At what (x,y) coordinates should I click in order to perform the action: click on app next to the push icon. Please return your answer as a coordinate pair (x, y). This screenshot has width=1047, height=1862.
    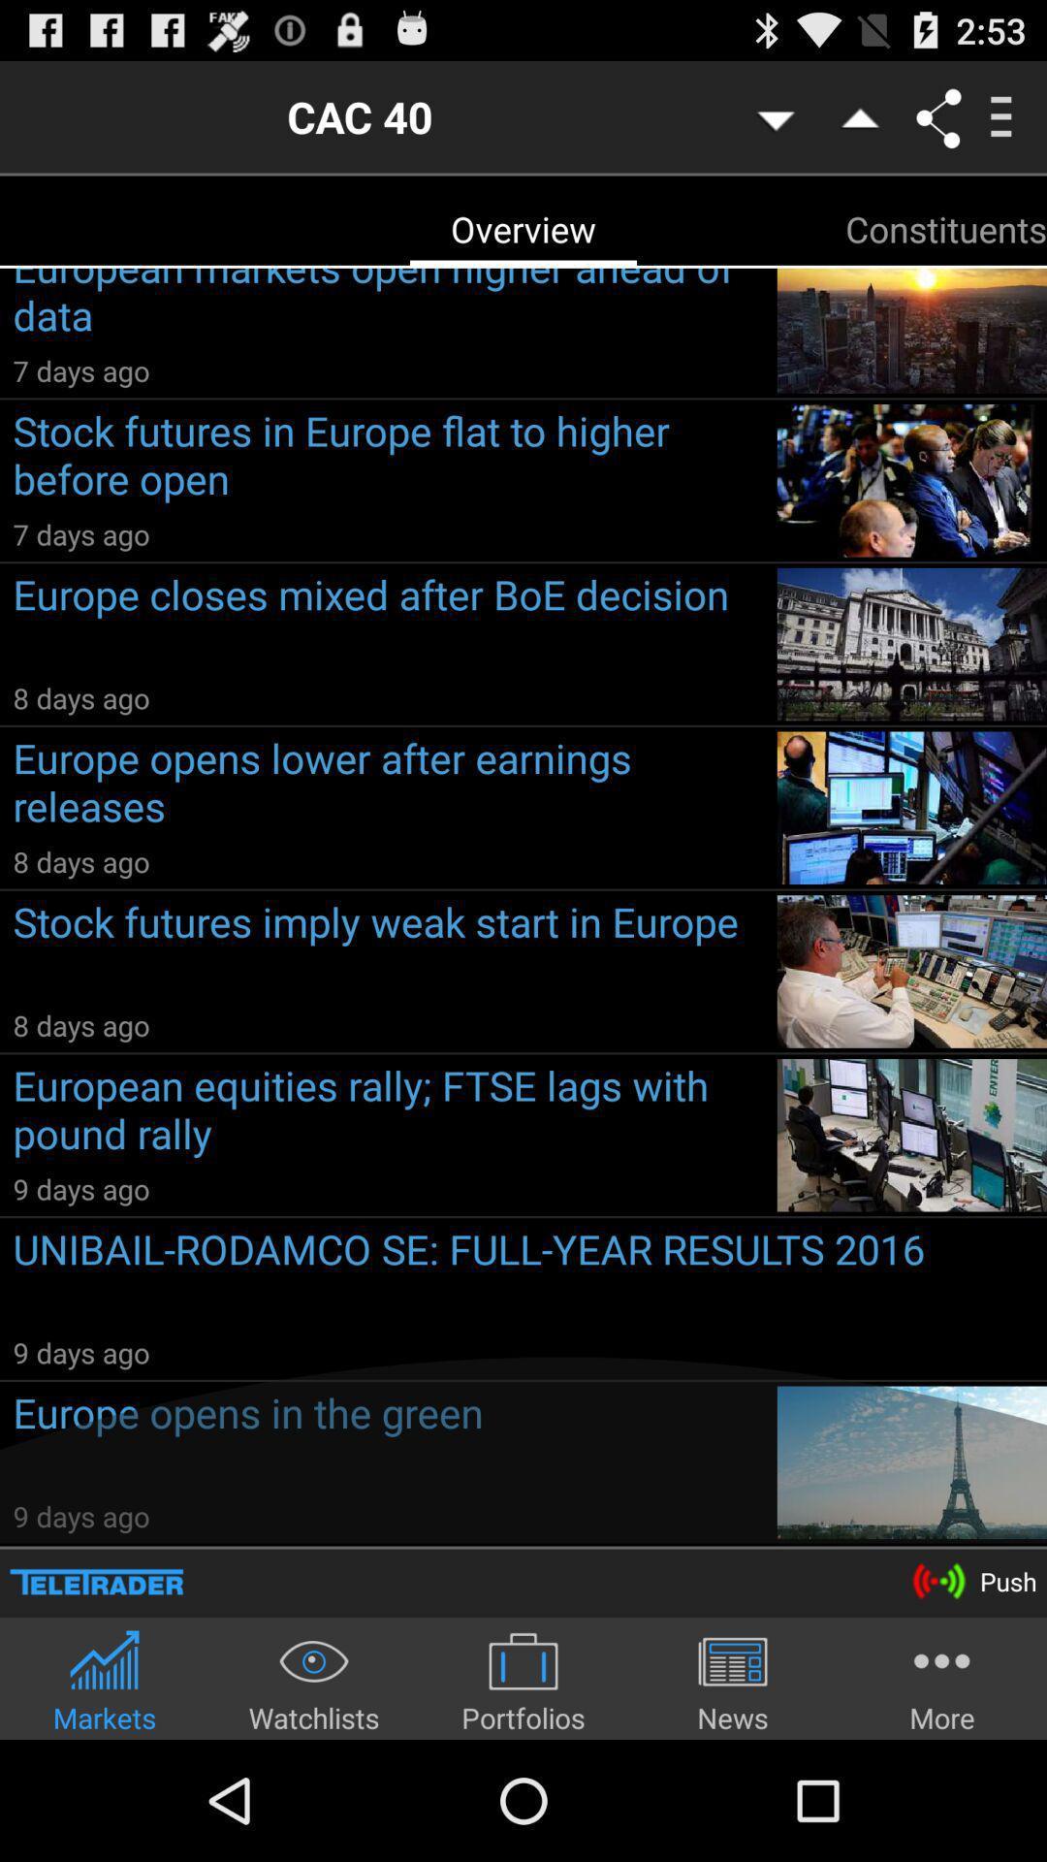
    Looking at the image, I should click on (96, 1582).